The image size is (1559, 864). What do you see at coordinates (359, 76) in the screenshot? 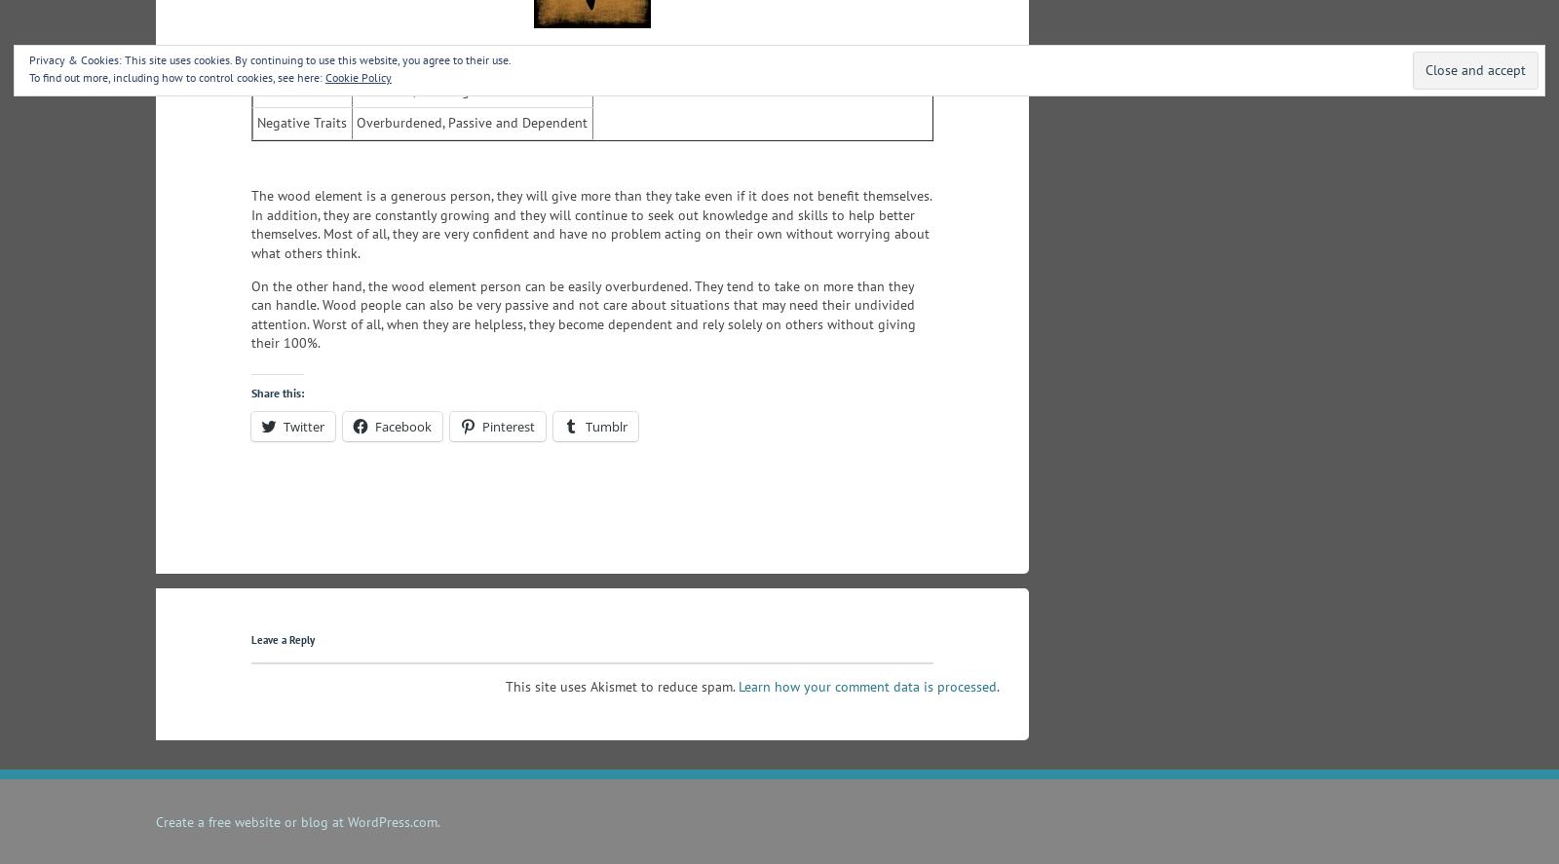
I see `'Cookie Policy'` at bounding box center [359, 76].